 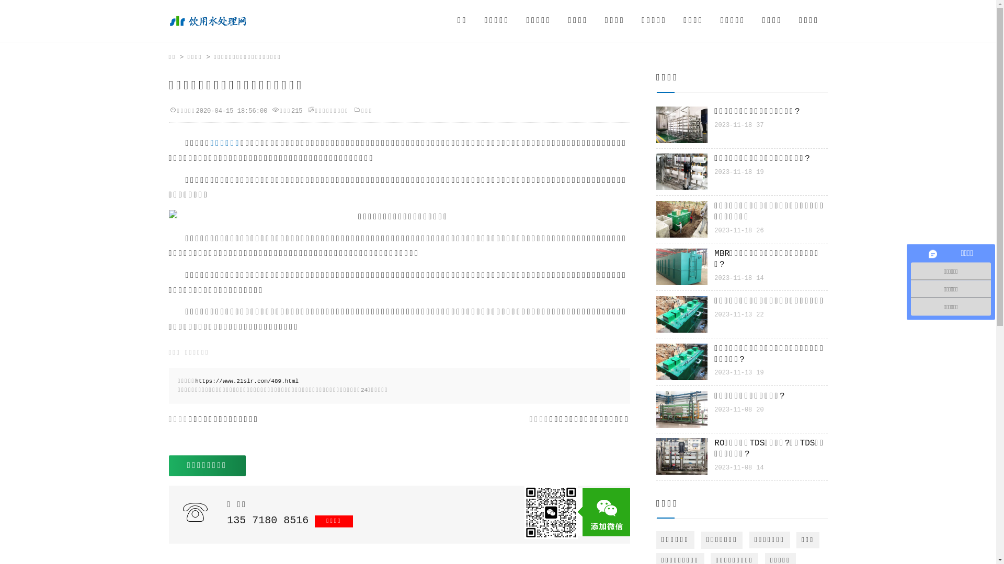 I want to click on 'https://www.21slr.com/489.html', so click(x=246, y=381).